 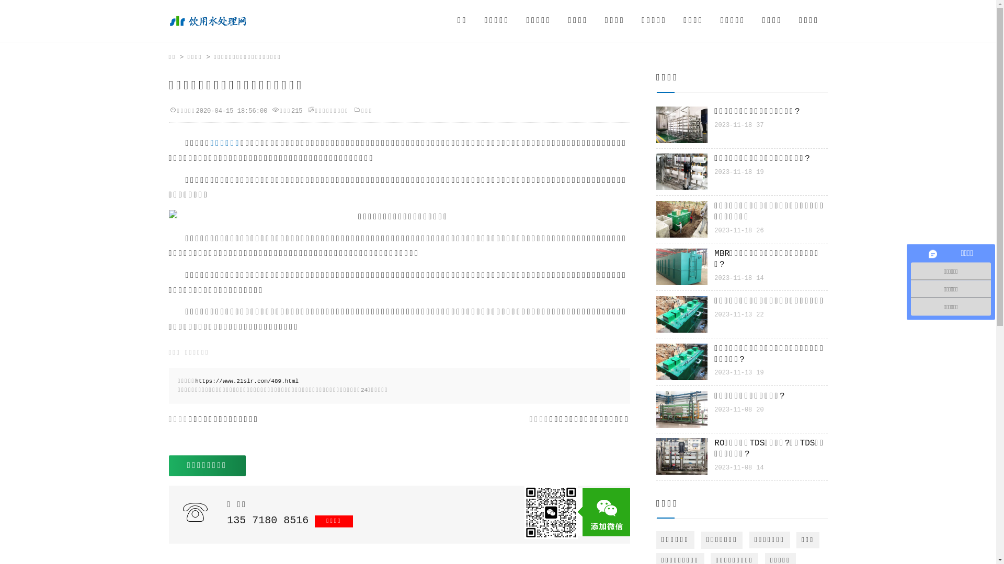 I want to click on 'https://www.21slr.com/489.html', so click(x=246, y=381).